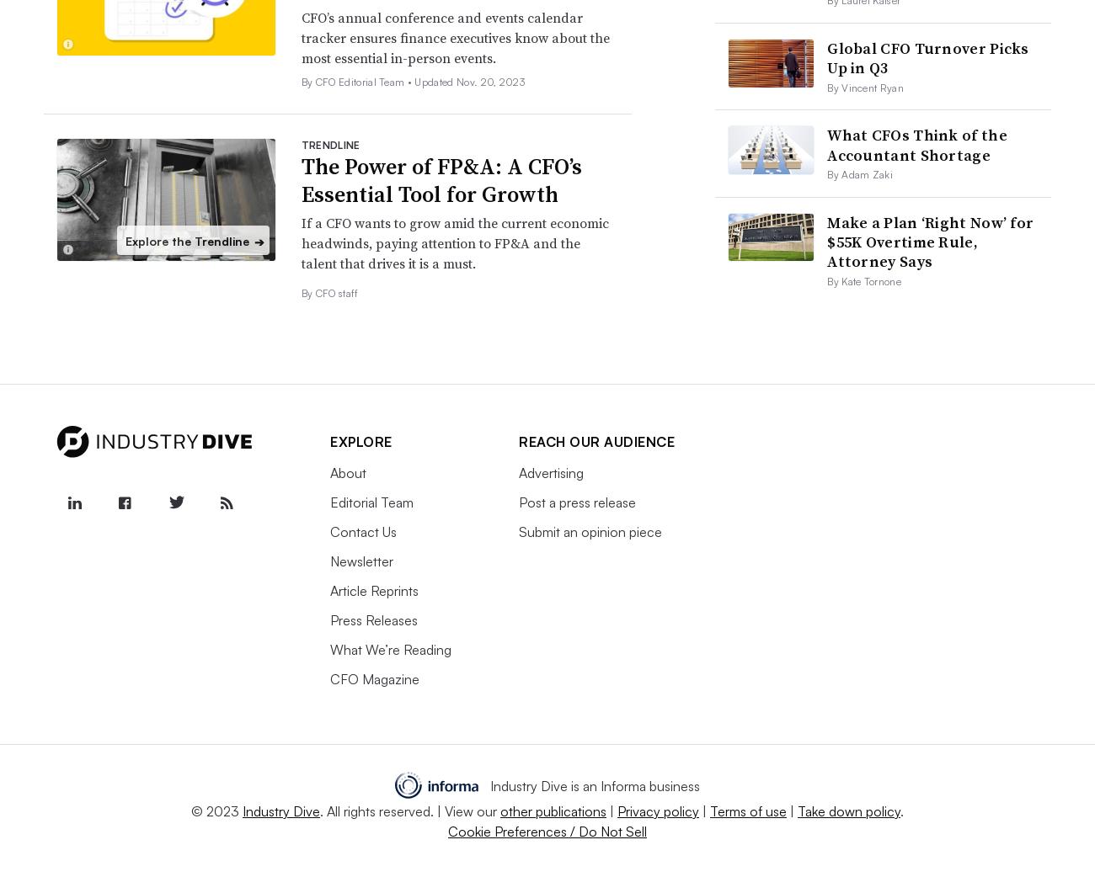  Describe the element at coordinates (185, 241) in the screenshot. I see `'Explore the Trendline'` at that location.